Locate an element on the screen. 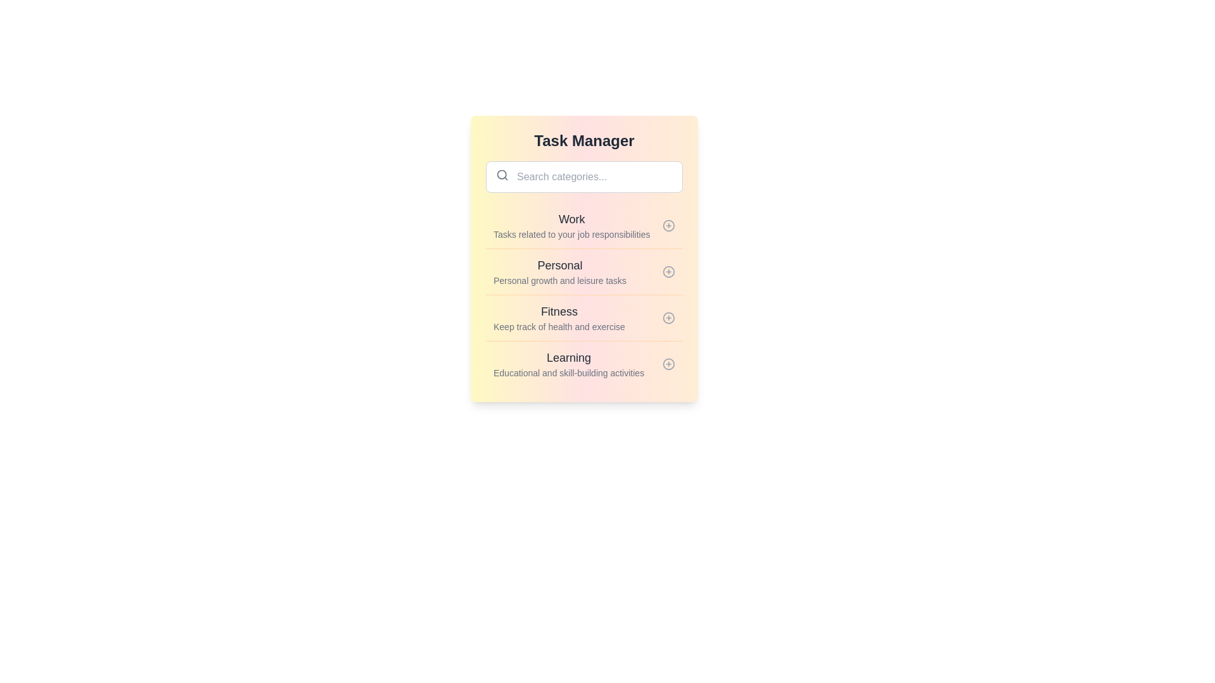 The width and height of the screenshot is (1215, 683). the Text label that serves as a title for the section indicating tasks related to work, positioned above the descriptive text 'Tasks related to your job responsibilities' in the Task Manager interface is located at coordinates (571, 219).